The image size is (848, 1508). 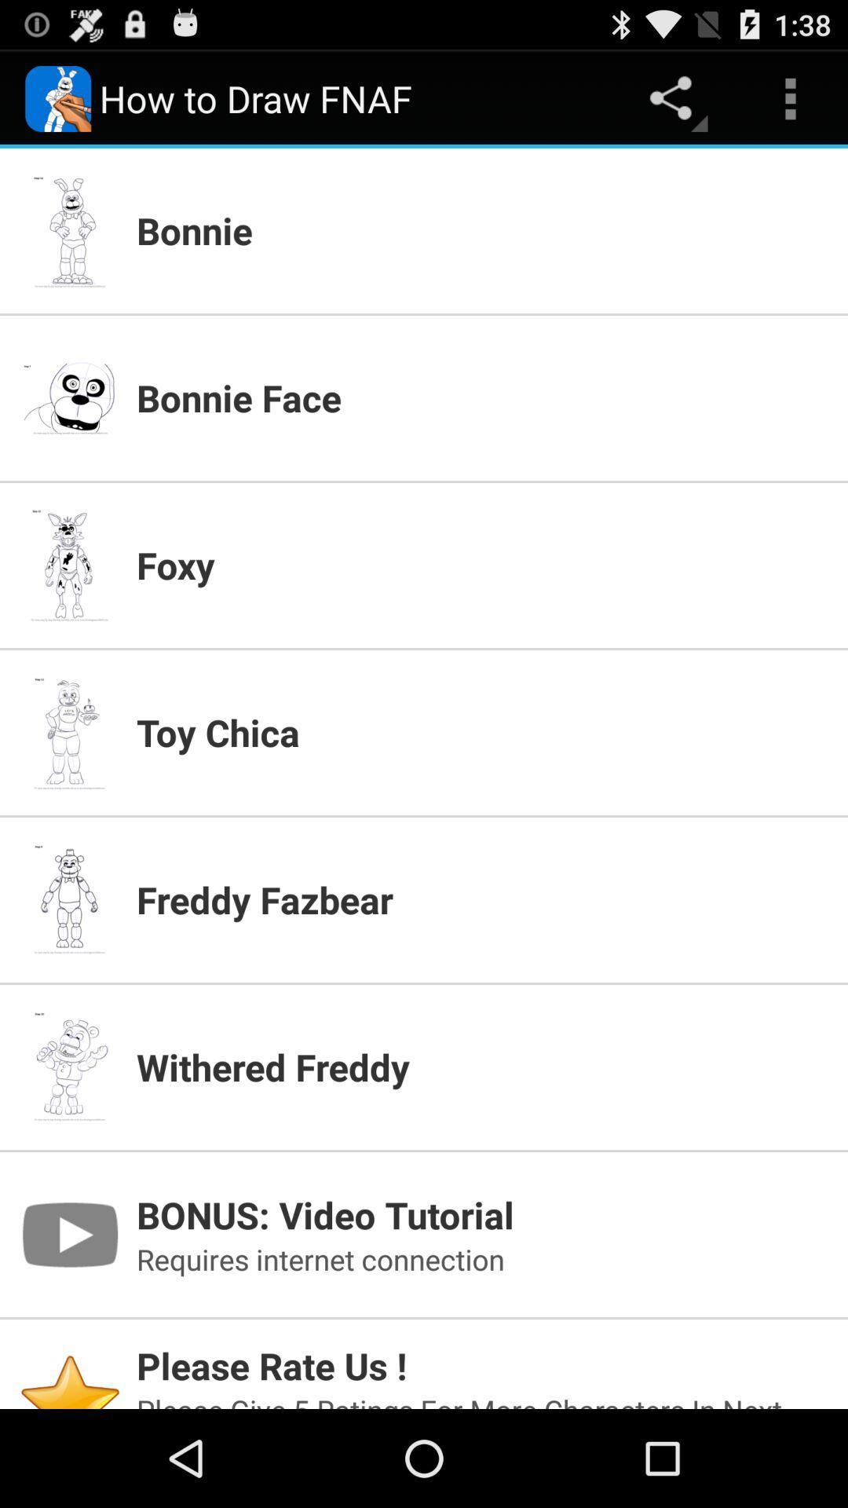 What do you see at coordinates (481, 1259) in the screenshot?
I see `the item above please rate us !` at bounding box center [481, 1259].